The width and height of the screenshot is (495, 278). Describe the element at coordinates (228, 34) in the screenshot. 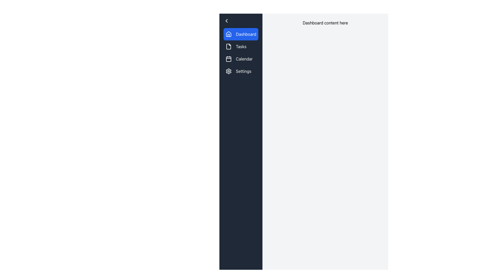

I see `the 'Dashboard' button, which contains a house icon in line-art style` at that location.